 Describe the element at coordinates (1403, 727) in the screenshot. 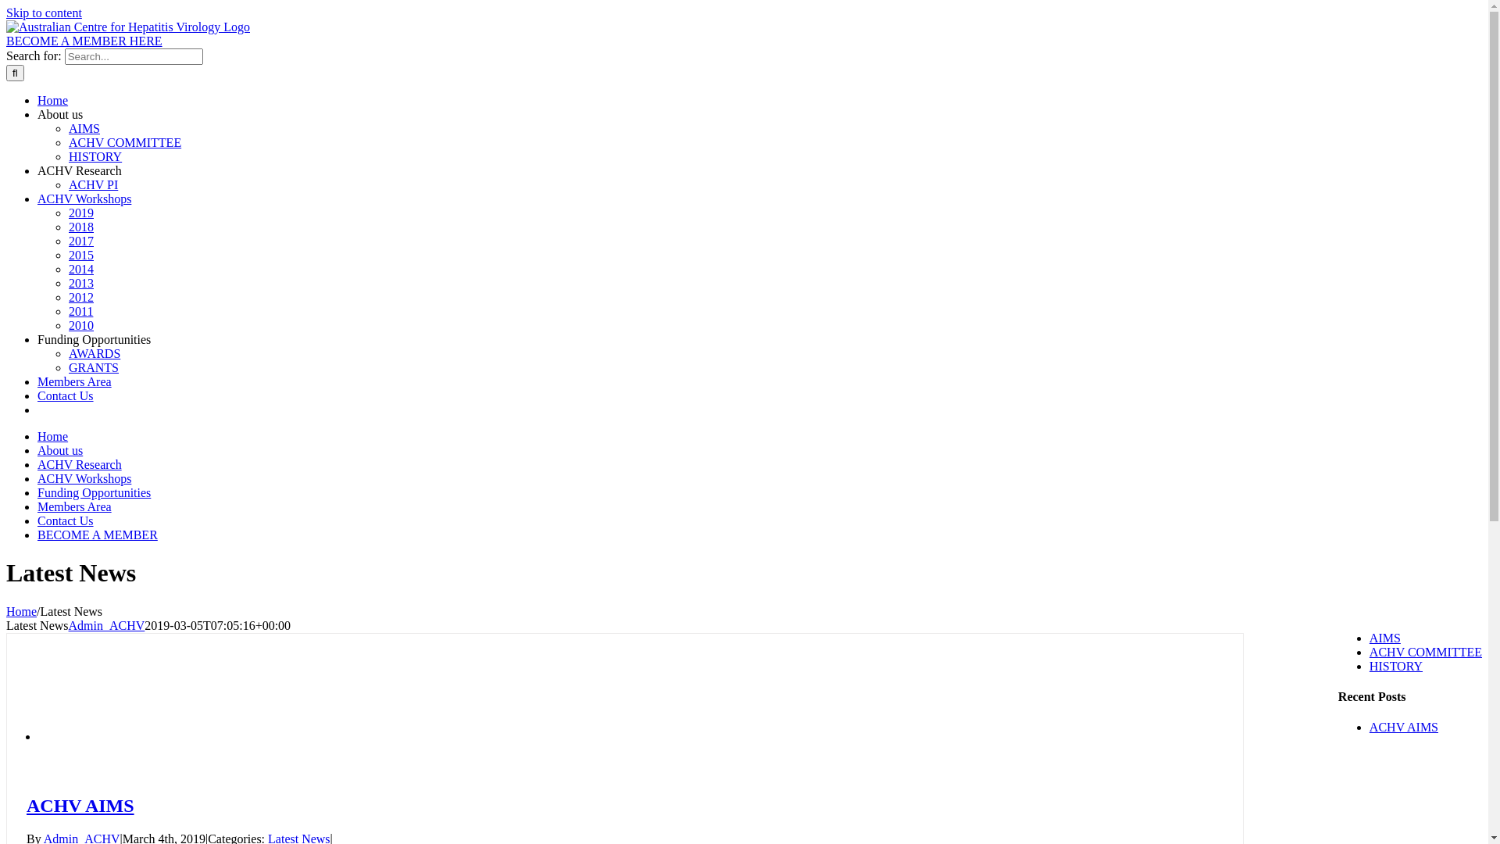

I see `'ACHV AIMS'` at that location.